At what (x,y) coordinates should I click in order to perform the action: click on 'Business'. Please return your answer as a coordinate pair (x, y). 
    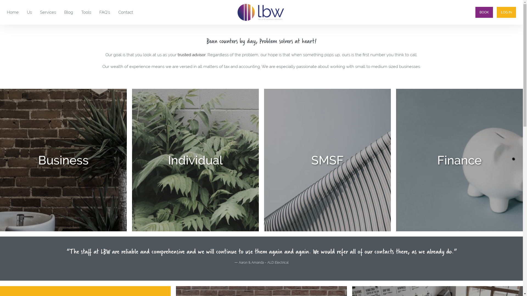
    Looking at the image, I should click on (63, 160).